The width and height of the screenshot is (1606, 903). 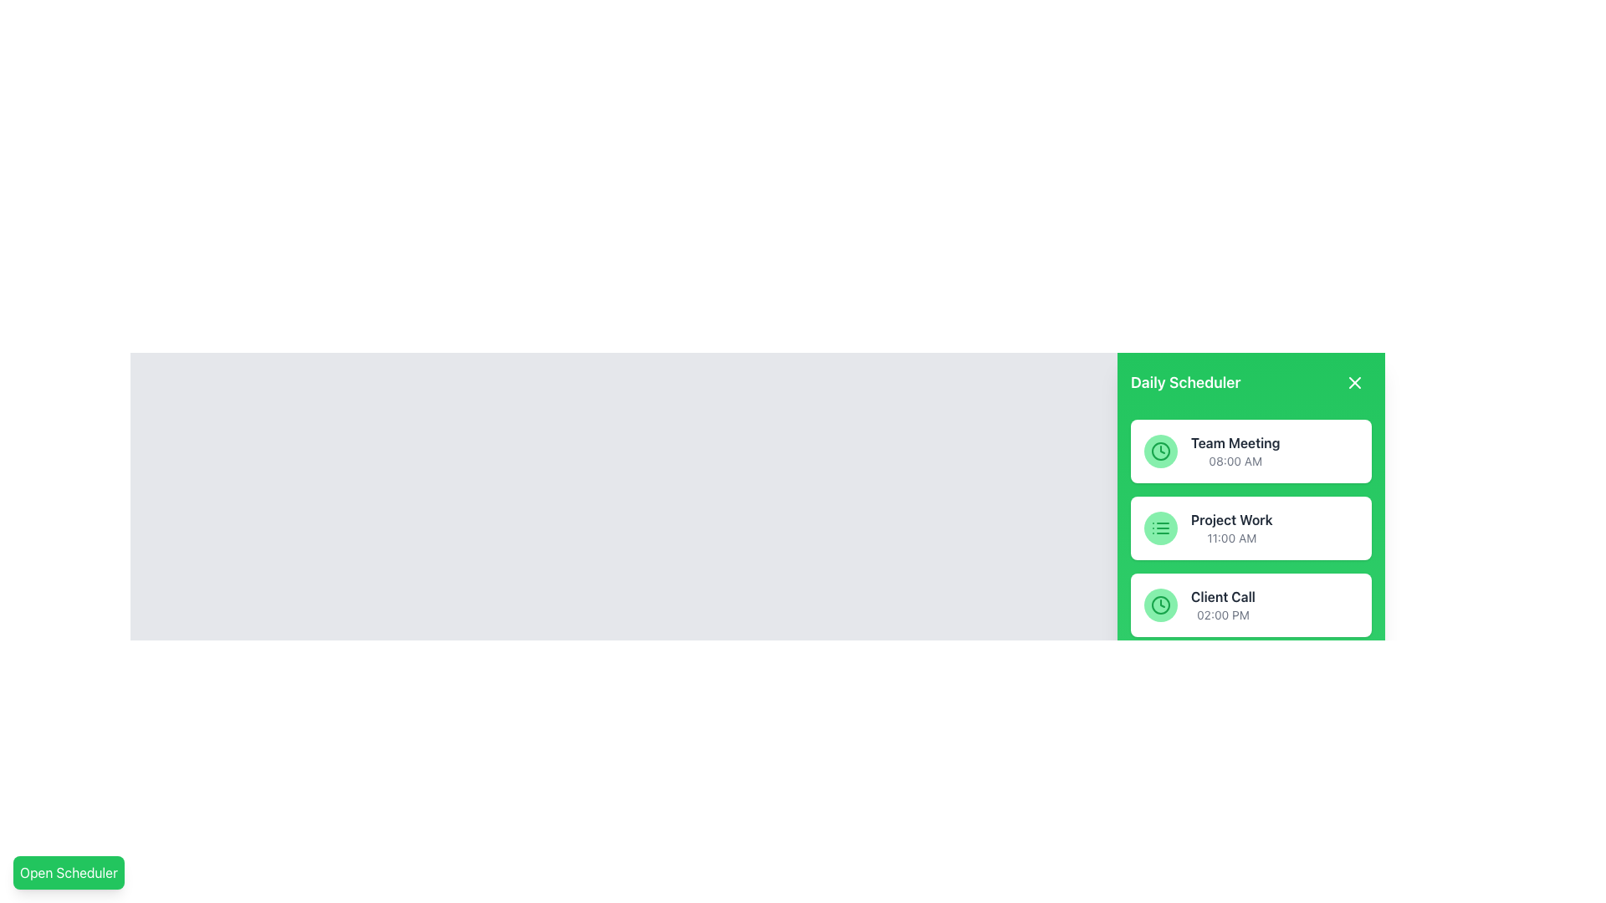 What do you see at coordinates (1235, 441) in the screenshot?
I see `text on the 'Team Meeting' label located above '08:00 AM' and beside a clock icon` at bounding box center [1235, 441].